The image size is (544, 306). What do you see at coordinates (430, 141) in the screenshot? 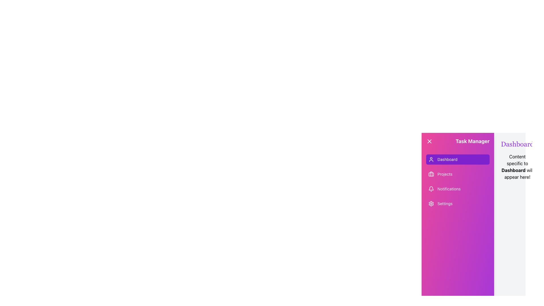
I see `the close button located at the top-left of the 'Task Manager' header section` at bounding box center [430, 141].